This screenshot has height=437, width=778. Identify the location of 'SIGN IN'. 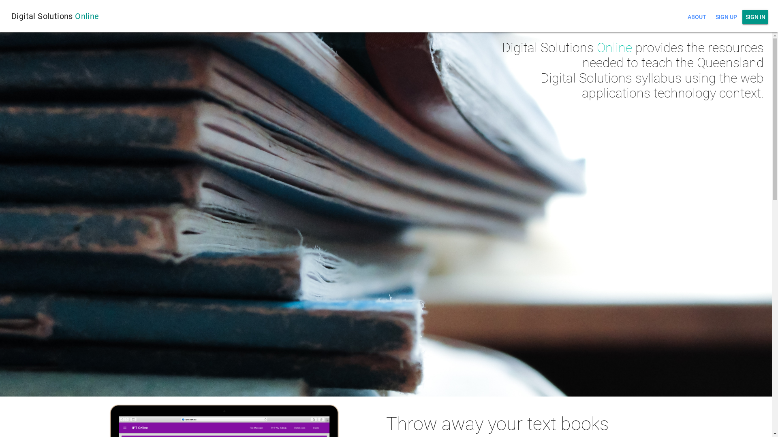
(742, 17).